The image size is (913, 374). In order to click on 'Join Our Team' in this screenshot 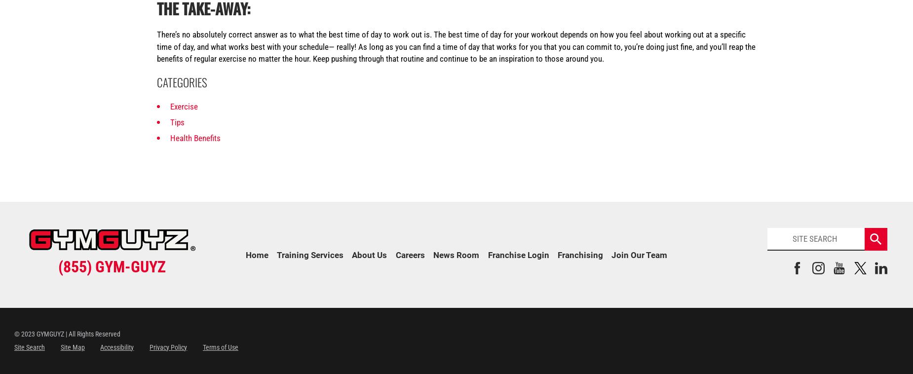, I will do `click(639, 254)`.